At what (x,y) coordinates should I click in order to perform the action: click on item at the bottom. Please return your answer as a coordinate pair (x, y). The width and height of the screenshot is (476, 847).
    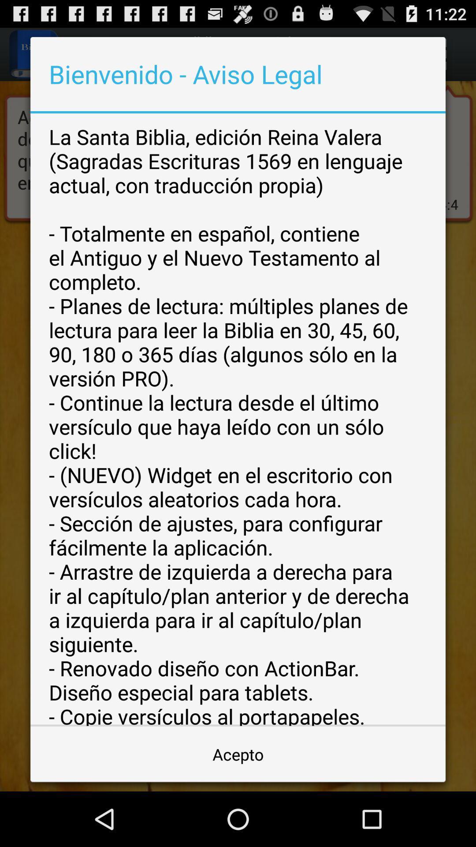
    Looking at the image, I should click on (238, 753).